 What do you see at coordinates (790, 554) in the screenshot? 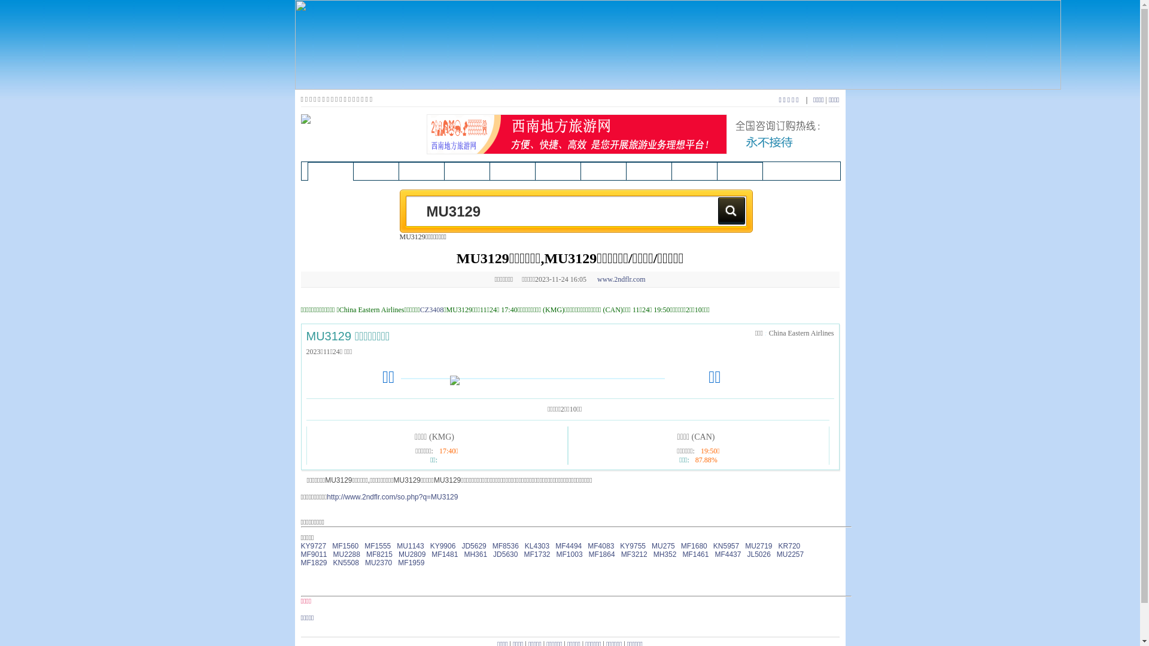
I see `'MU2257'` at bounding box center [790, 554].